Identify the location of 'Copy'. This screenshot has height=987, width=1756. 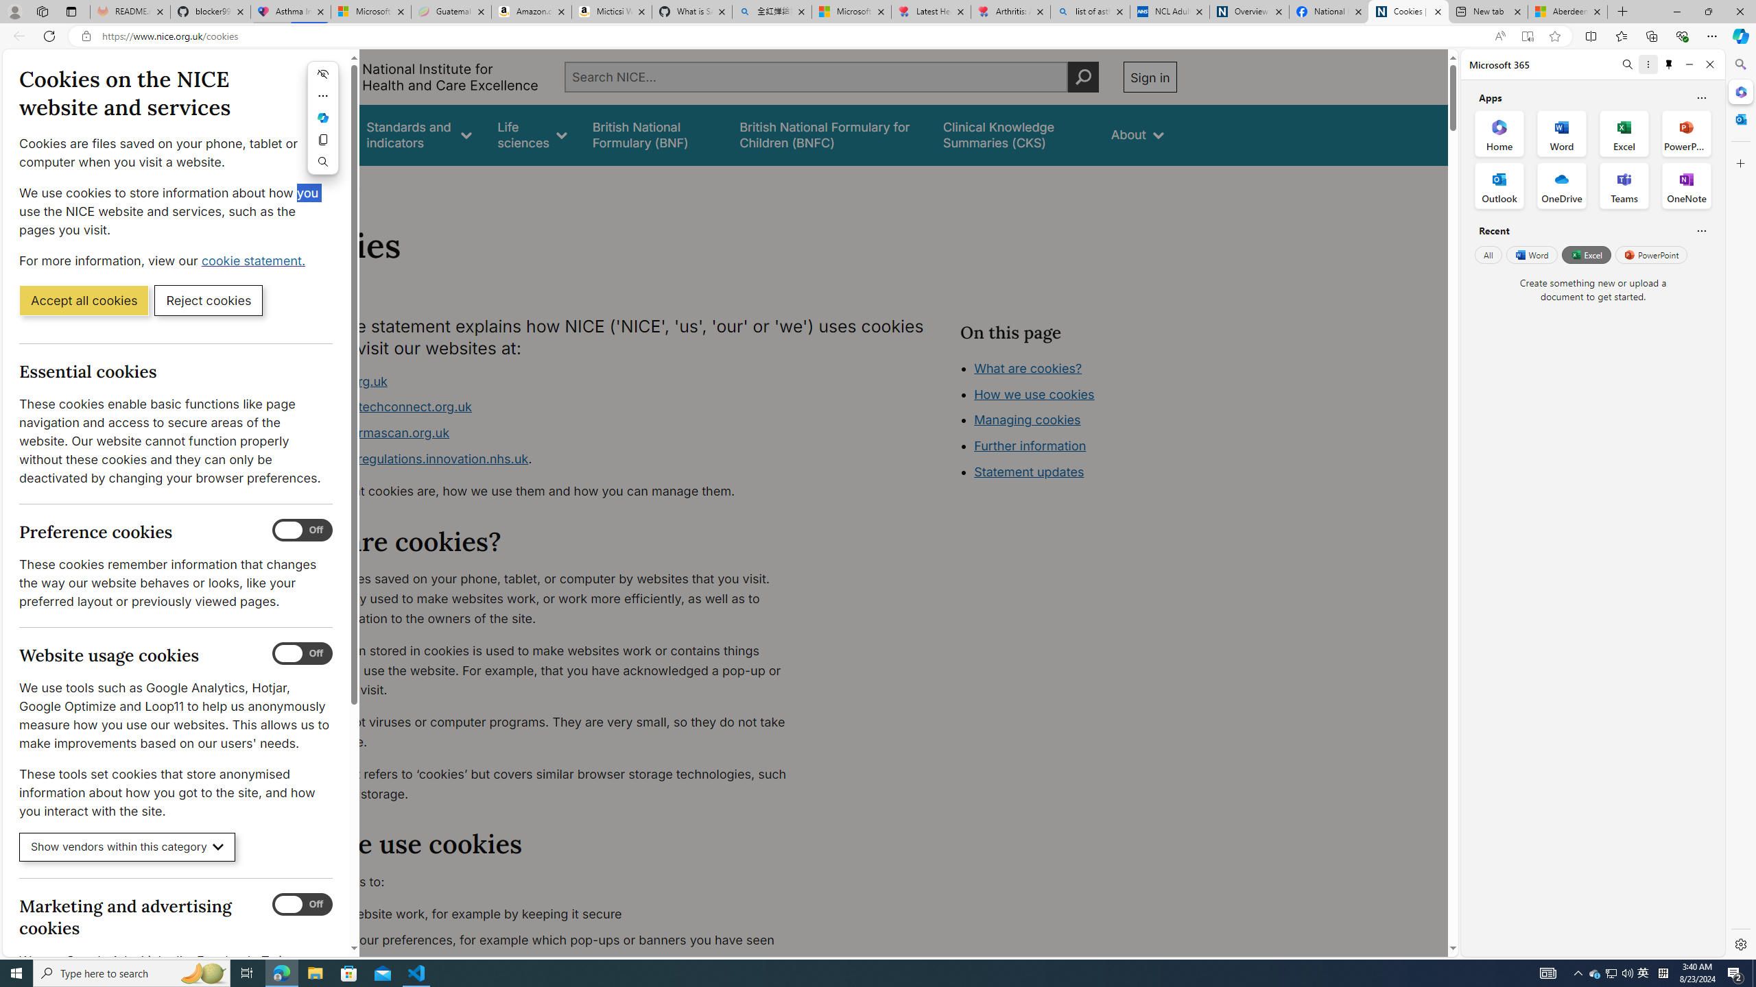
(322, 139).